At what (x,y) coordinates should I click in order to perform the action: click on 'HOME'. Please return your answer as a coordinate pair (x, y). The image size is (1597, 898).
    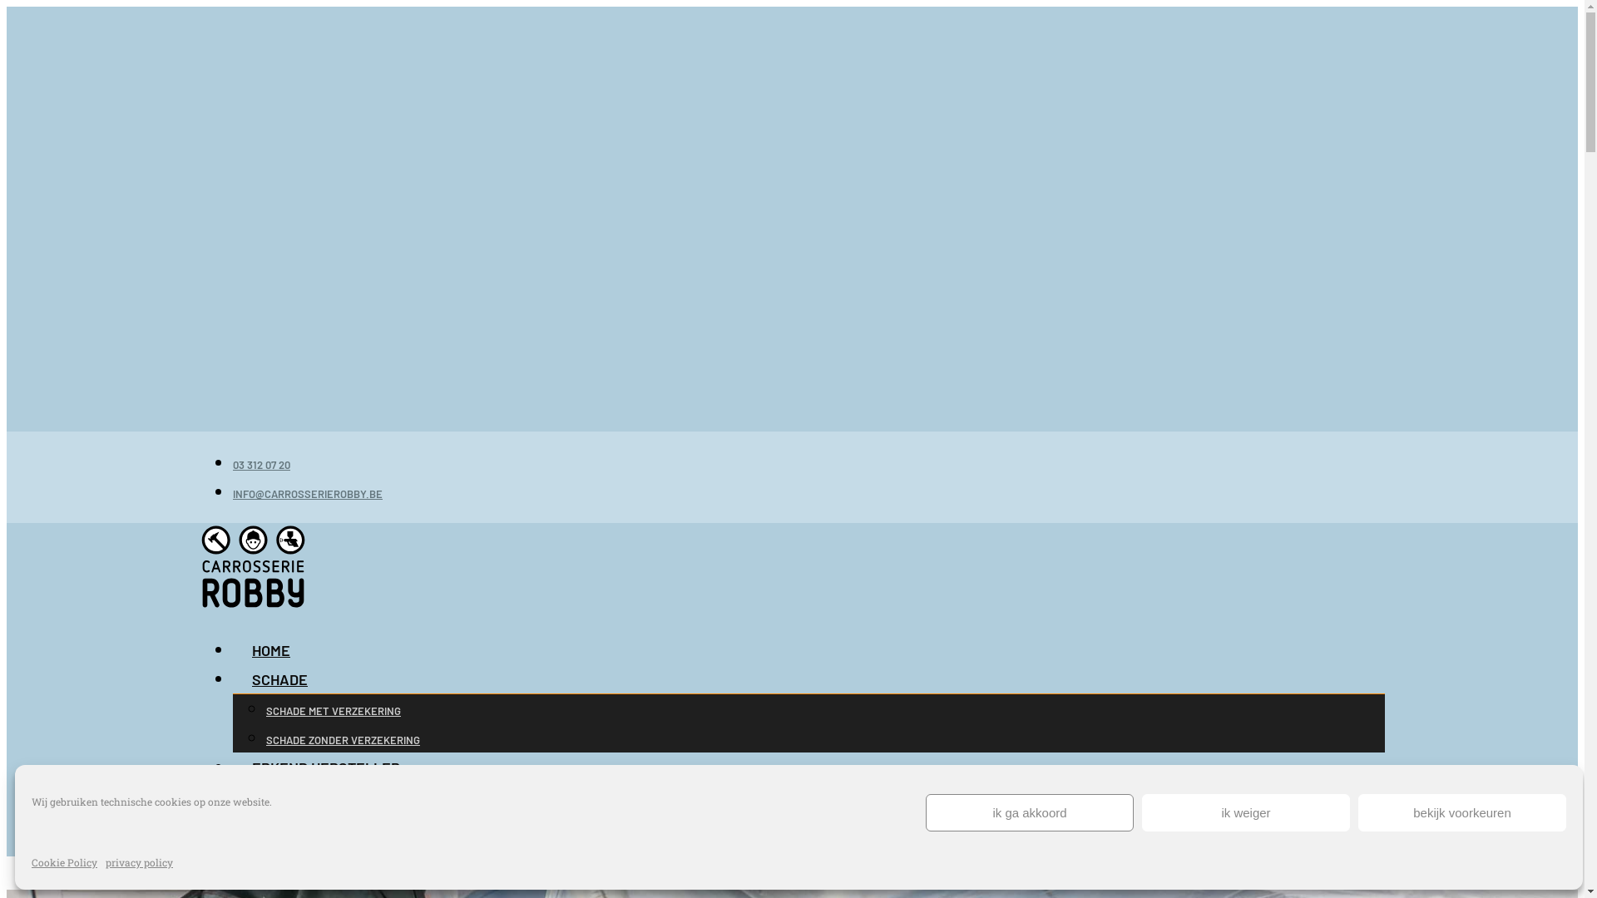
    Looking at the image, I should click on (271, 649).